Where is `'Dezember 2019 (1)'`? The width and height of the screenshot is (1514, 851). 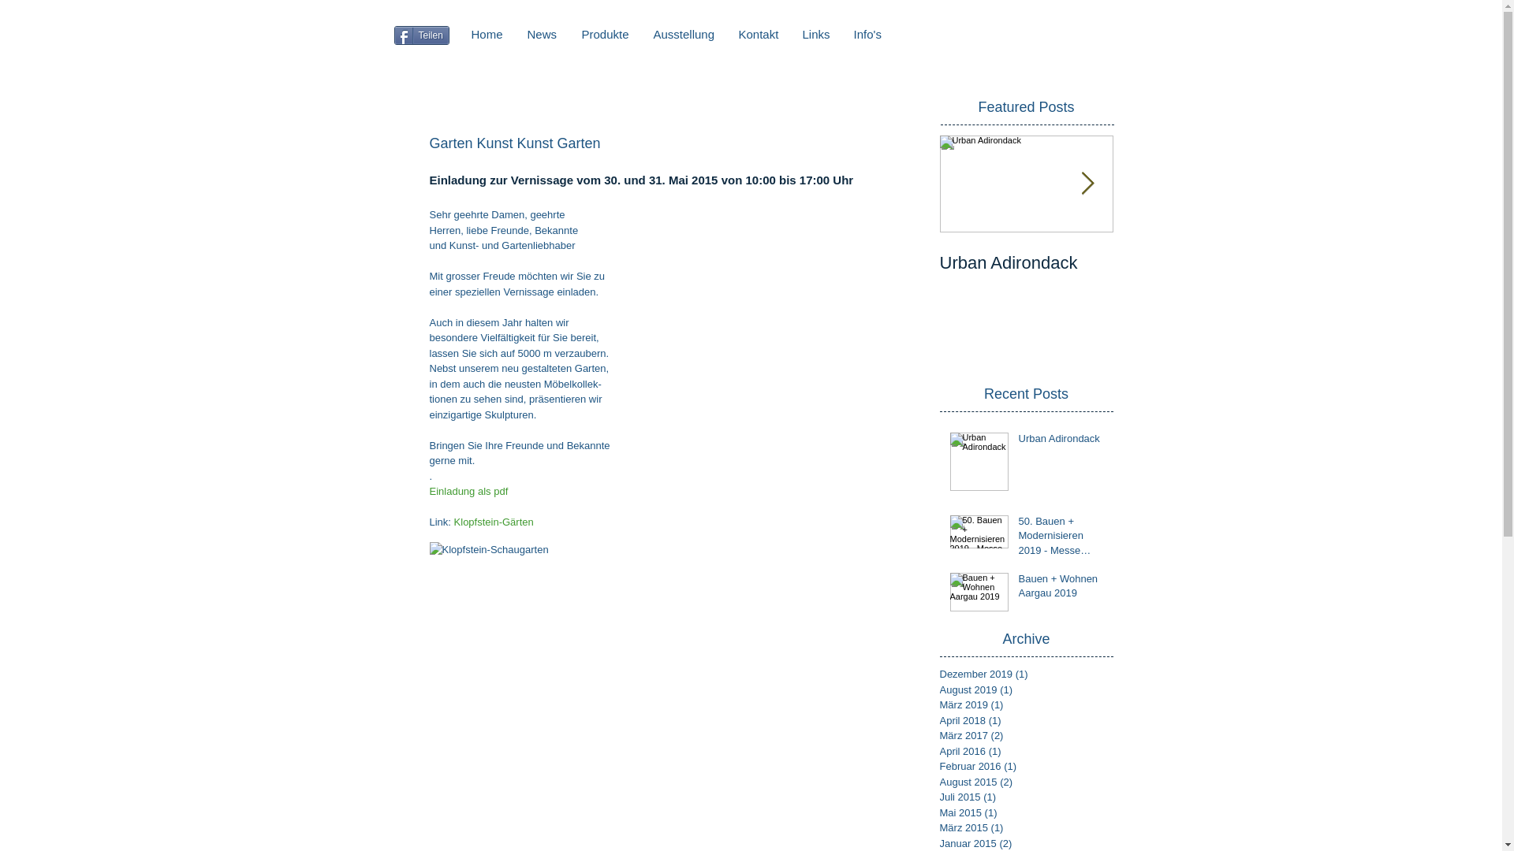 'Dezember 2019 (1)' is located at coordinates (1022, 674).